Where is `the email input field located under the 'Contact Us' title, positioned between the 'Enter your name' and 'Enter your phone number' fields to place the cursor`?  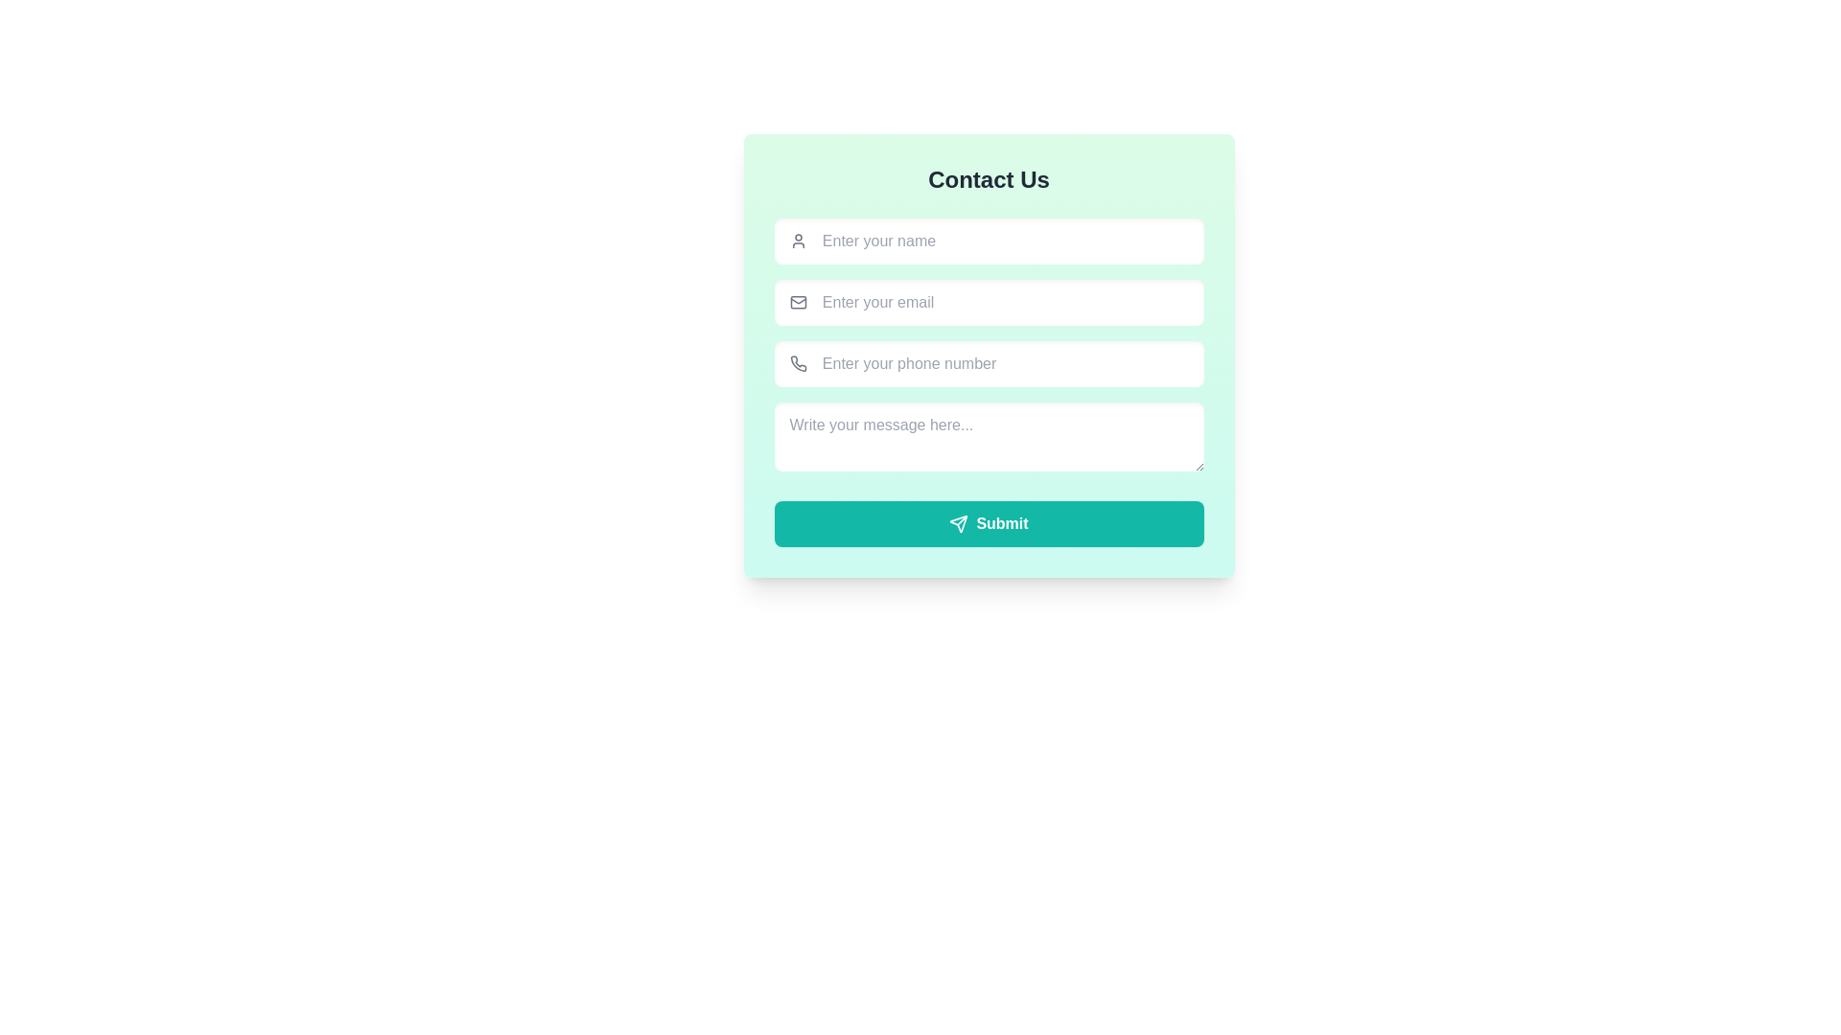 the email input field located under the 'Contact Us' title, positioned between the 'Enter your name' and 'Enter your phone number' fields to place the cursor is located at coordinates (1004, 302).